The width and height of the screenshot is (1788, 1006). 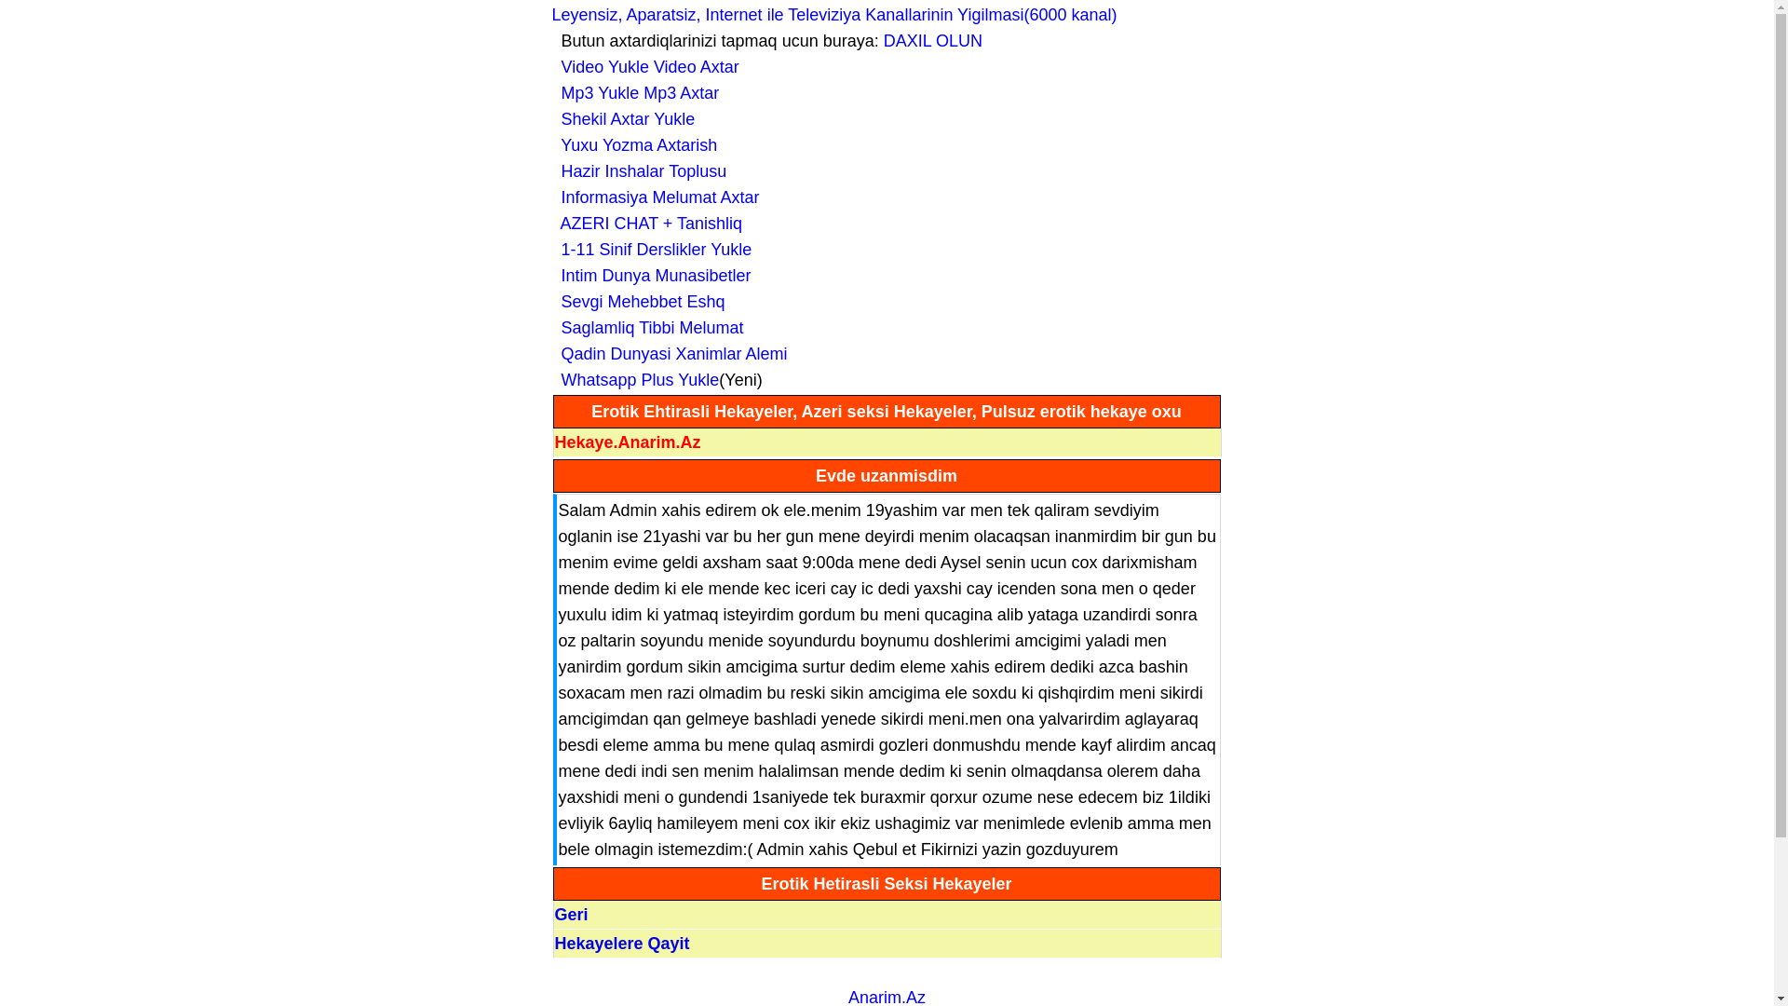 I want to click on '  Mp3 Yukle Mp3 Axtar', so click(x=634, y=93).